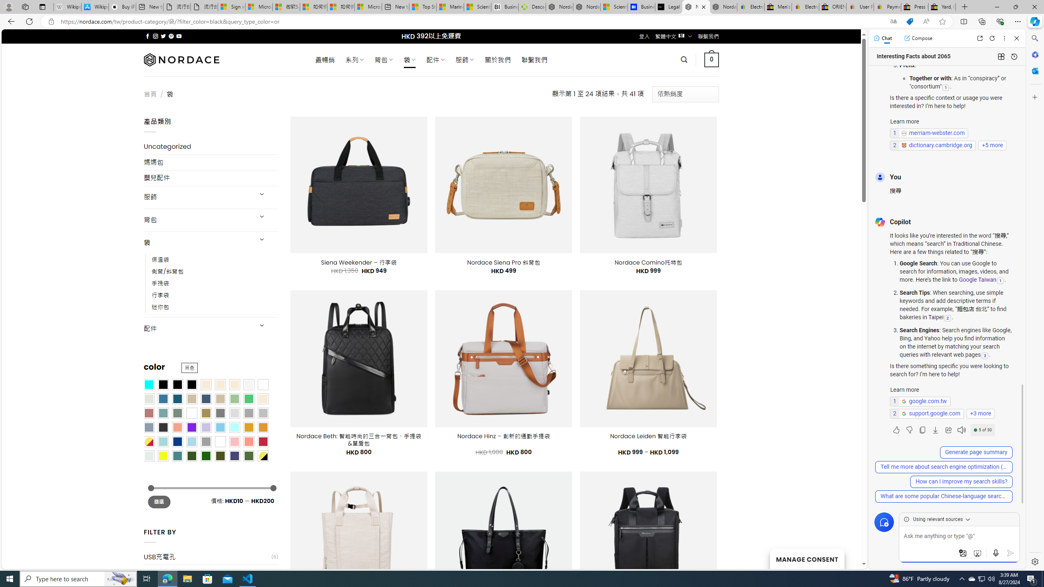 This screenshot has height=587, width=1044. Describe the element at coordinates (532, 7) in the screenshot. I see `'Descarga Driver Updater'` at that location.